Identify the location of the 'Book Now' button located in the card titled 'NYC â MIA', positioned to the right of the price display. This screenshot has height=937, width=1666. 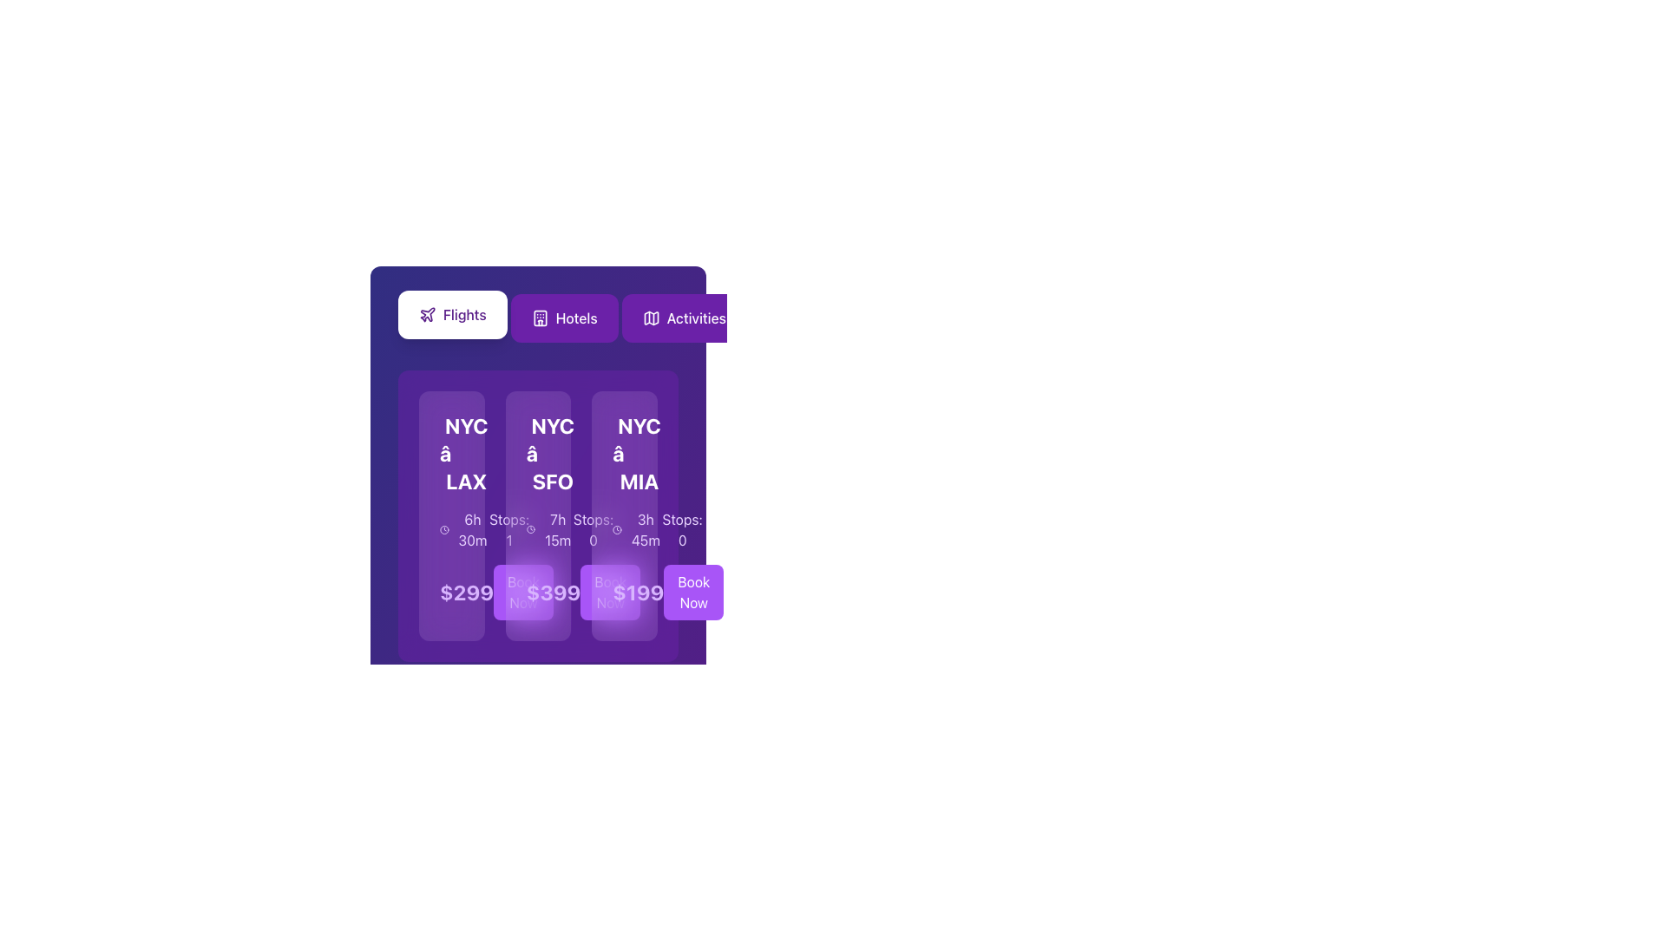
(625, 591).